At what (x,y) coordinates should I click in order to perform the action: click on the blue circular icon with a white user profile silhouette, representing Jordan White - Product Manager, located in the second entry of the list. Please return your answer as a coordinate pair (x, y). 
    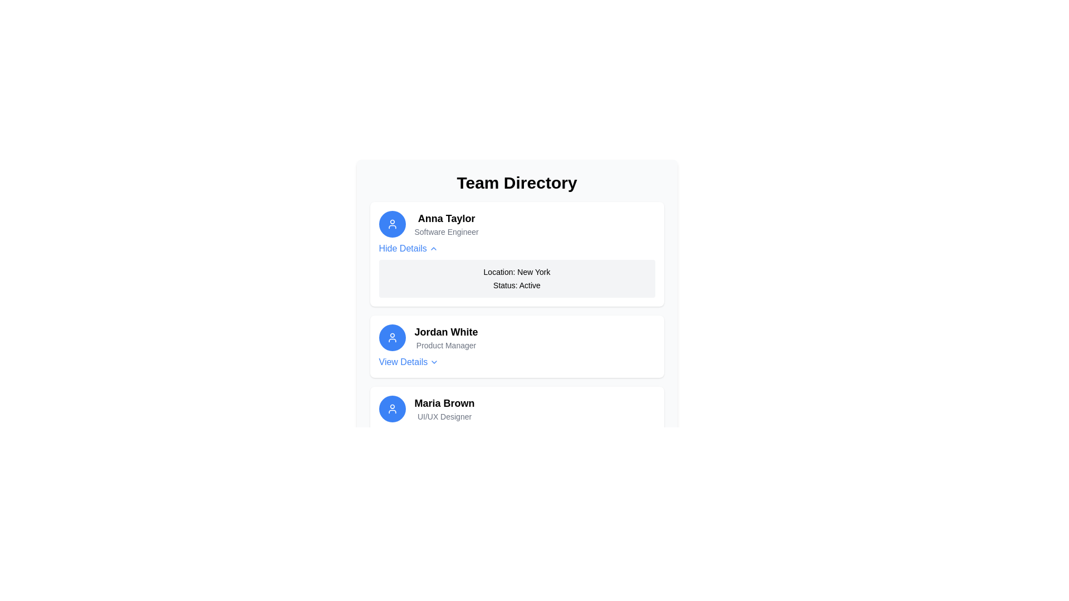
    Looking at the image, I should click on (392, 337).